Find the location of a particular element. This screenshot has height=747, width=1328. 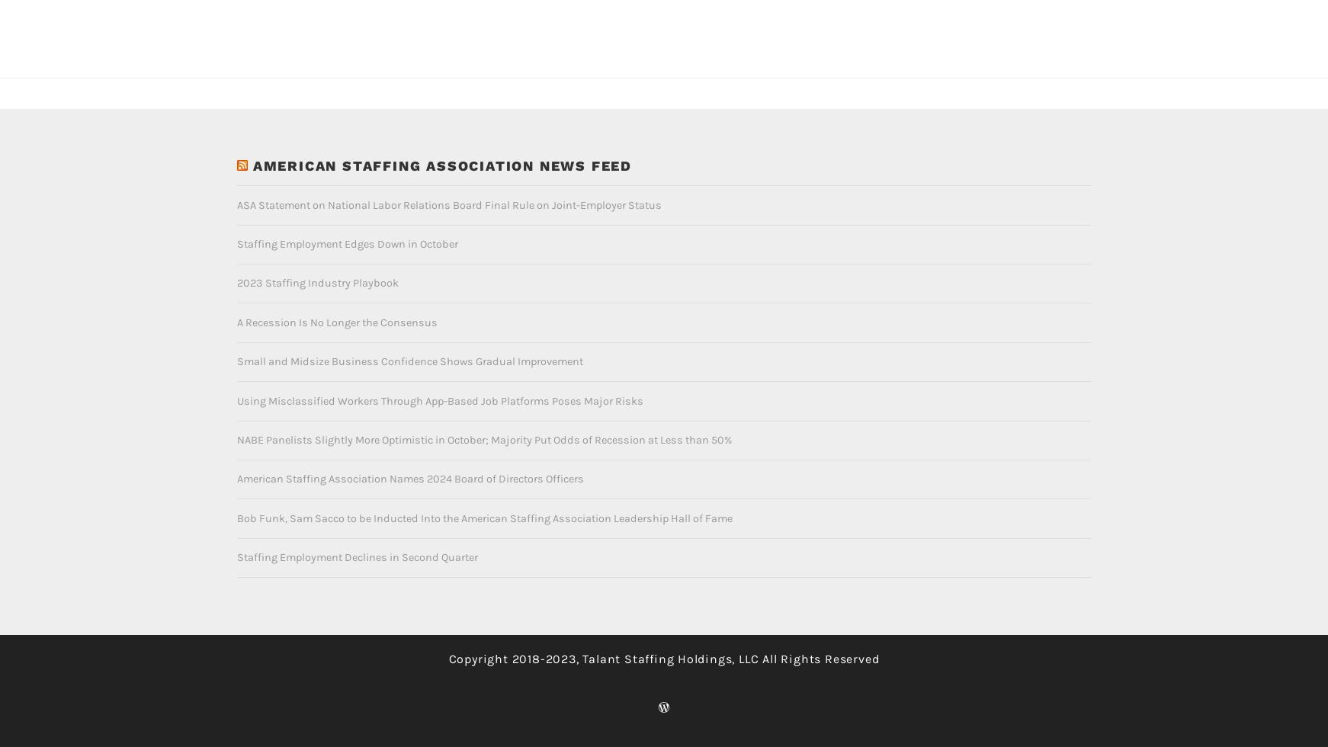

'American Staffing Association Names 2024 Board of Directors Officers' is located at coordinates (410, 454).